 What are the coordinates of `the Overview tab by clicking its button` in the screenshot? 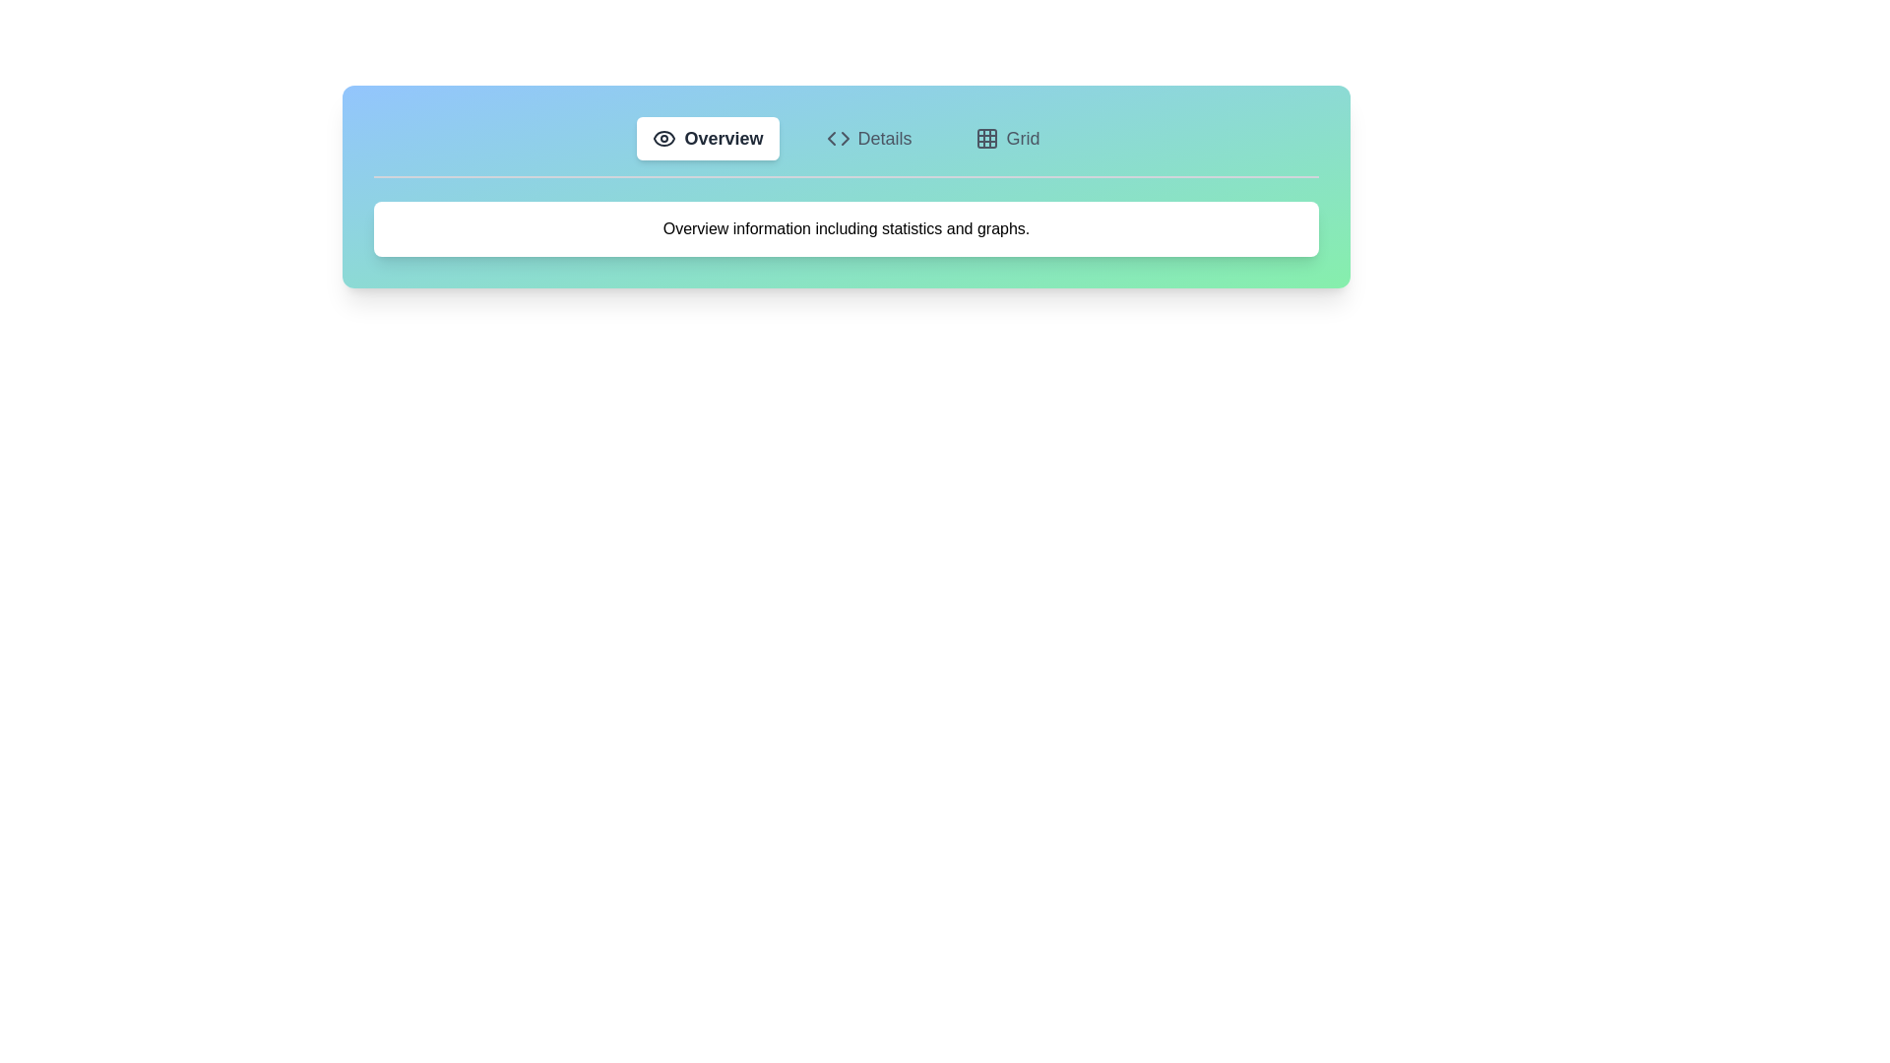 It's located at (708, 138).